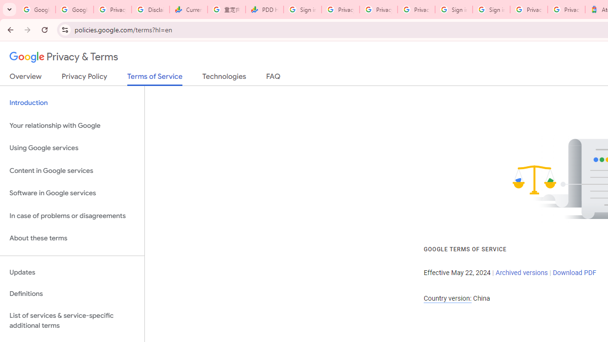 This screenshot has width=608, height=342. Describe the element at coordinates (521, 273) in the screenshot. I see `'Archived versions'` at that location.